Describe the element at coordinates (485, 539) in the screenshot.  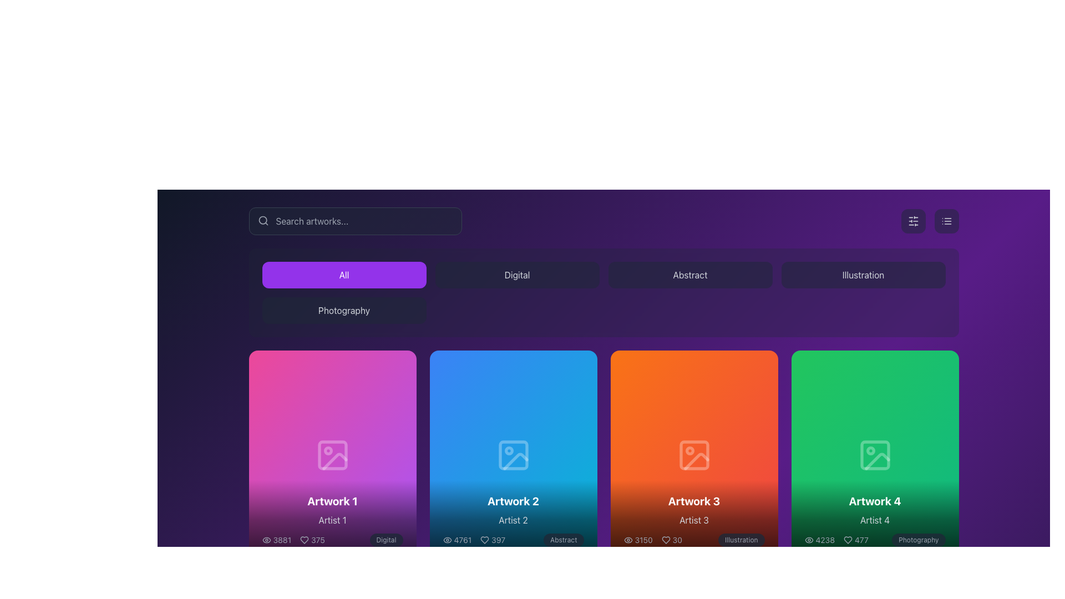
I see `the heart icon for Artwork 2 to possibly see additional actions or animations` at that location.